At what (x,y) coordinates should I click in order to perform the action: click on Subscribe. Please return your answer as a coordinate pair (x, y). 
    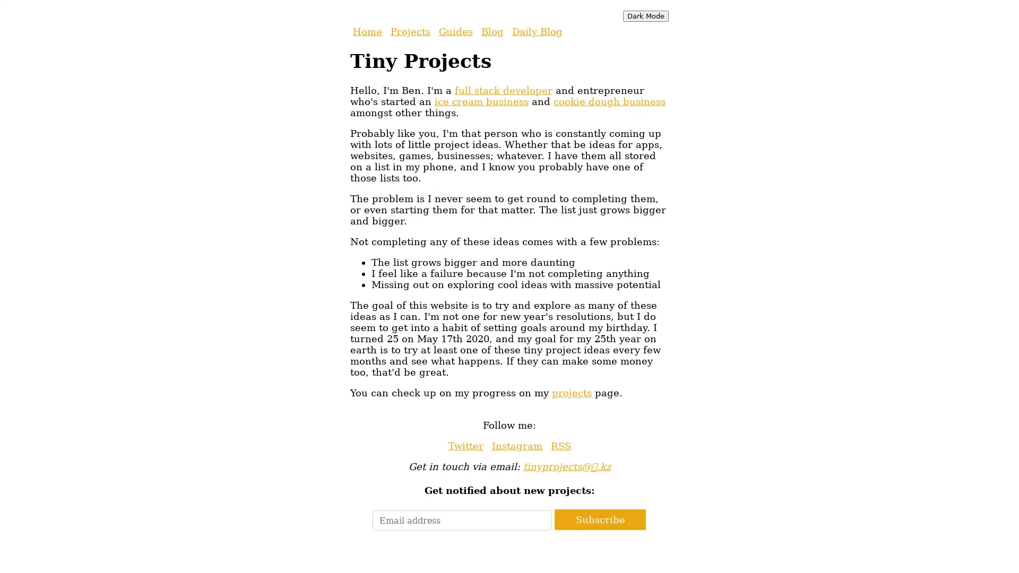
    Looking at the image, I should click on (600, 519).